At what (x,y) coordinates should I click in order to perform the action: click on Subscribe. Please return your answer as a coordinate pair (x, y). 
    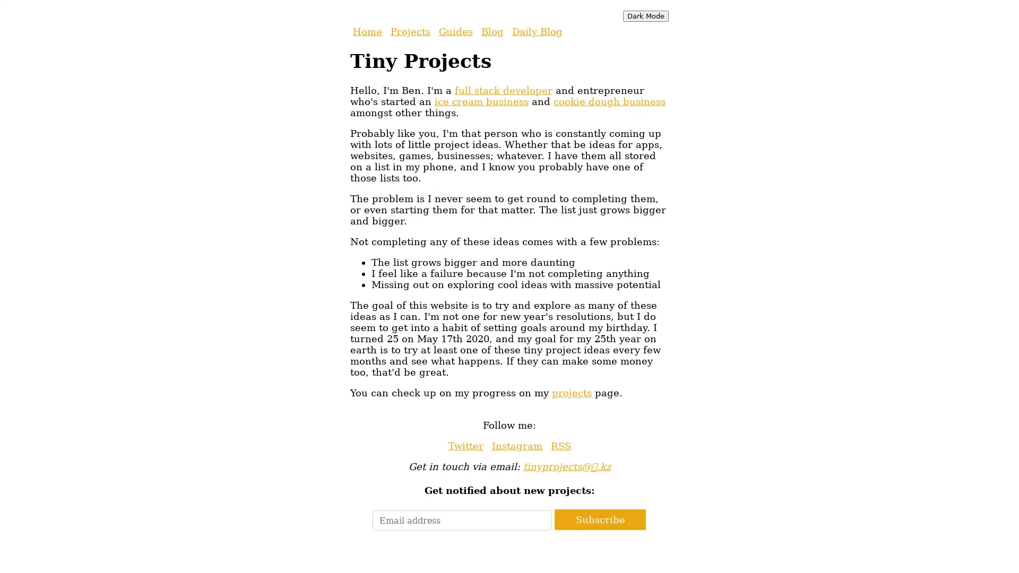
    Looking at the image, I should click on (600, 519).